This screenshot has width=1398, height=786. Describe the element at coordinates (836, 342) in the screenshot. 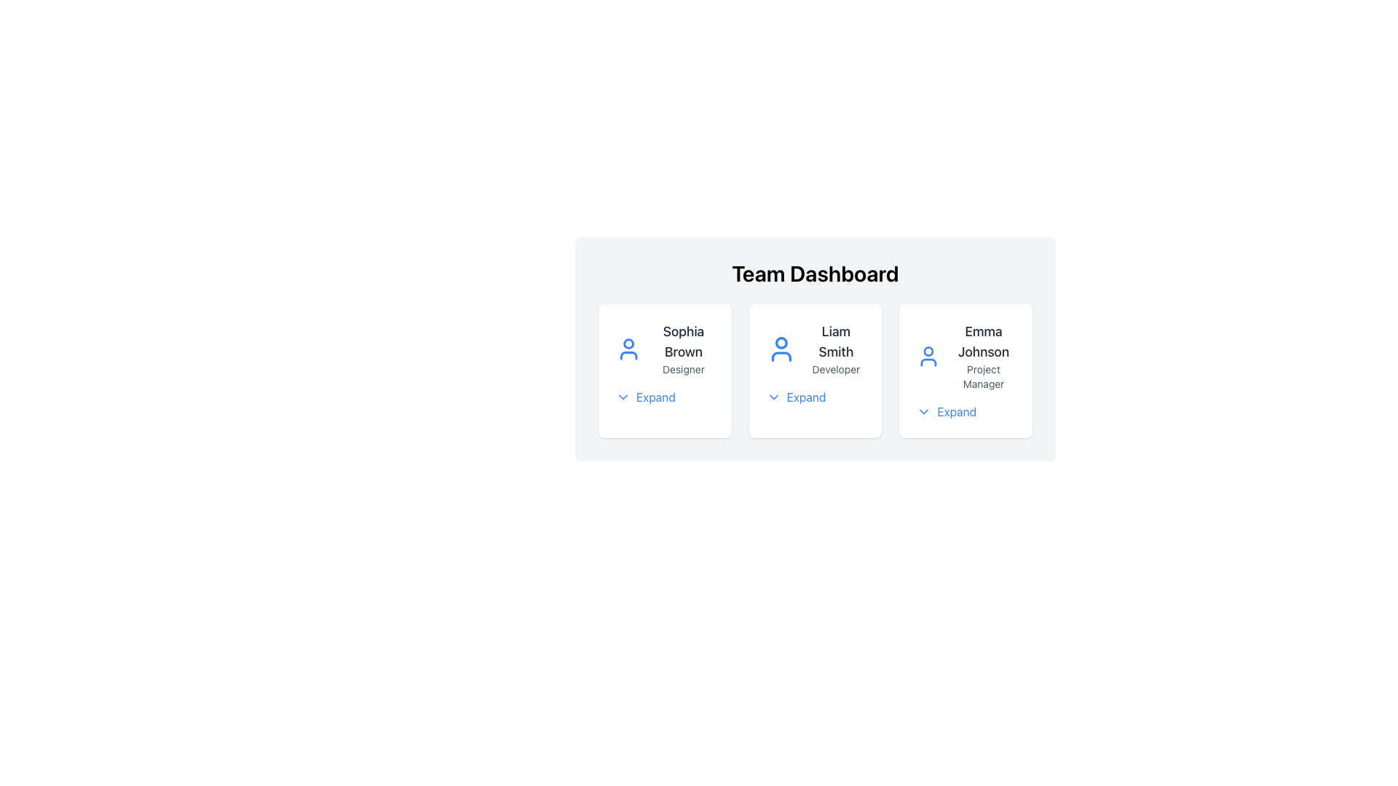

I see `the text label identifying the individual as 'Liam Smith' located in the second card from the left under the 'Team Dashboard' heading` at that location.